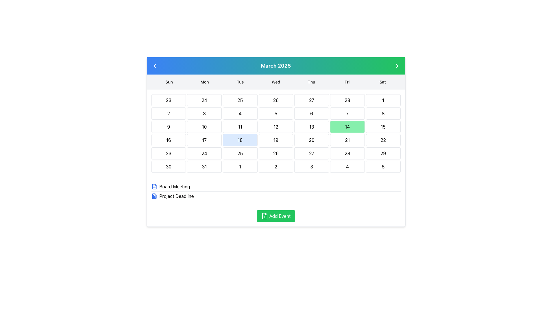 The height and width of the screenshot is (312, 555). Describe the element at coordinates (347, 167) in the screenshot. I see `the calendar date cell displaying '4' in bold black font` at that location.